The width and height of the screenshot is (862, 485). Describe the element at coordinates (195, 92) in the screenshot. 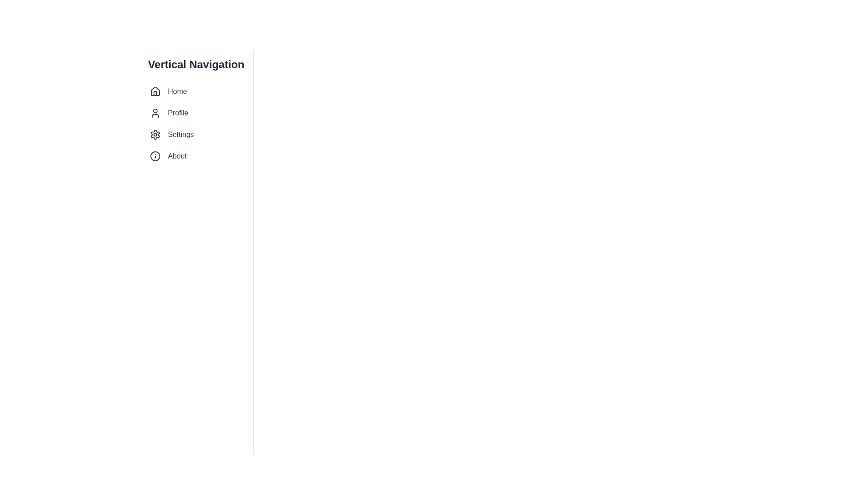

I see `the 'Home' clickable navigation link at the top of the vertical menu to apply the hover effect, which changes the background color for better visibility` at that location.